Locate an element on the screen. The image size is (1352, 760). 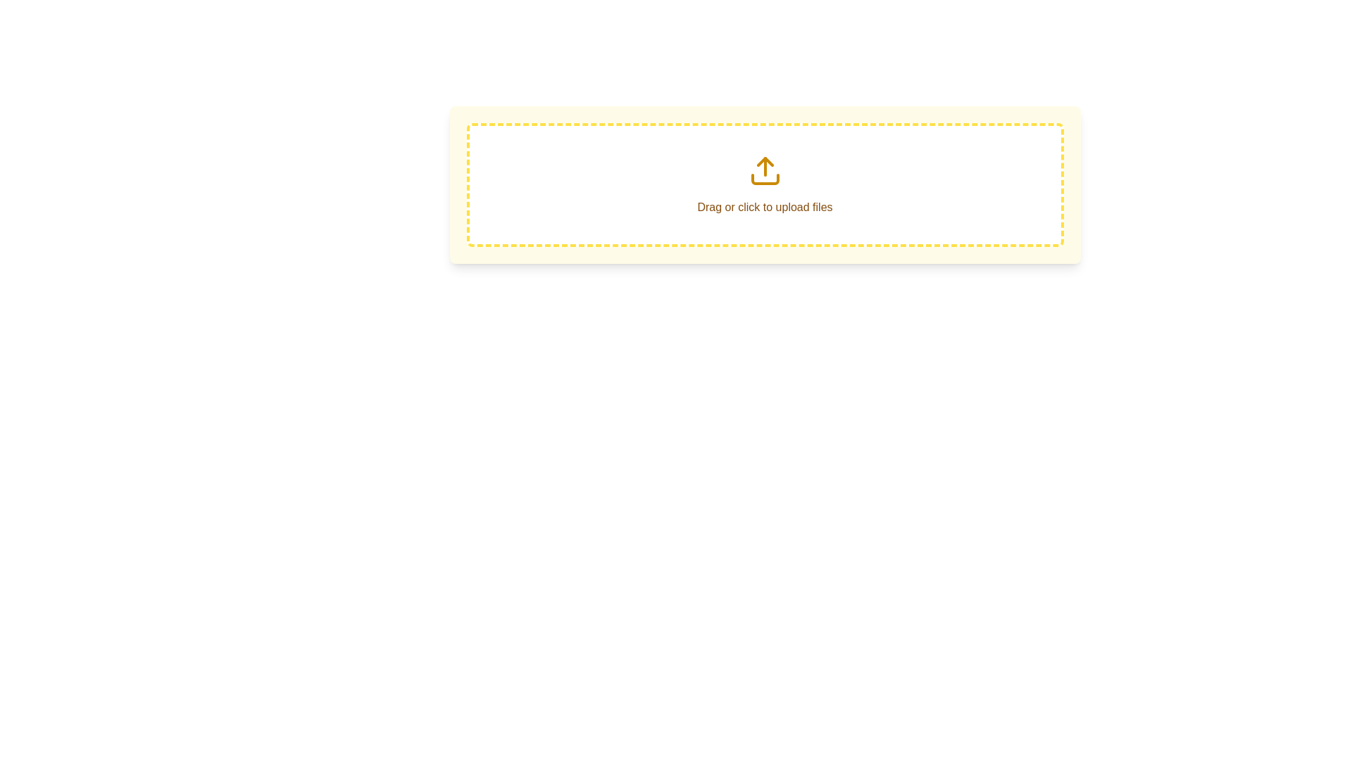
the yellow upward-pointing arrow icon within the upload icon, which is located at the top middle of the upload icon in the drop zone area is located at coordinates (764, 161).